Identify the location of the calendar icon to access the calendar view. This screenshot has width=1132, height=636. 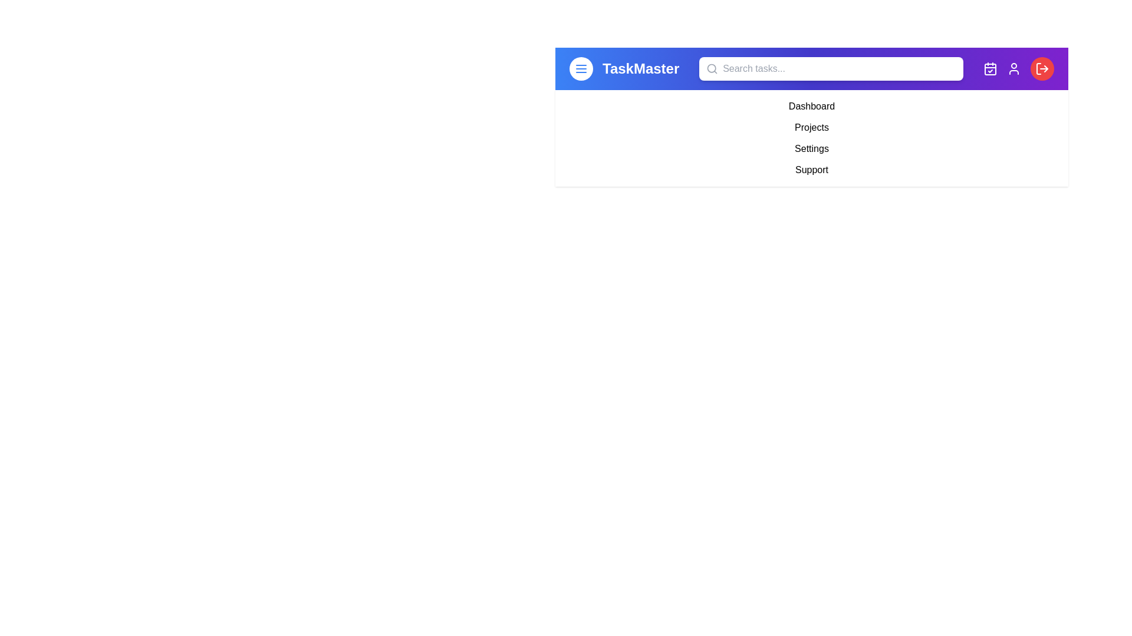
(990, 68).